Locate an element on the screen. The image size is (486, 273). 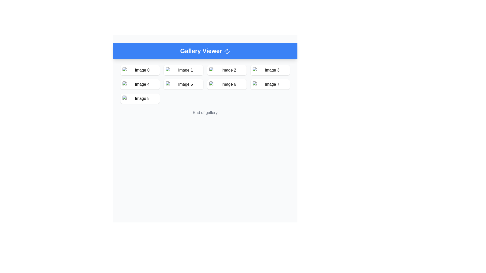
placeholder image component located in the first row and second column of the grid layout for details is located at coordinates (183, 70).